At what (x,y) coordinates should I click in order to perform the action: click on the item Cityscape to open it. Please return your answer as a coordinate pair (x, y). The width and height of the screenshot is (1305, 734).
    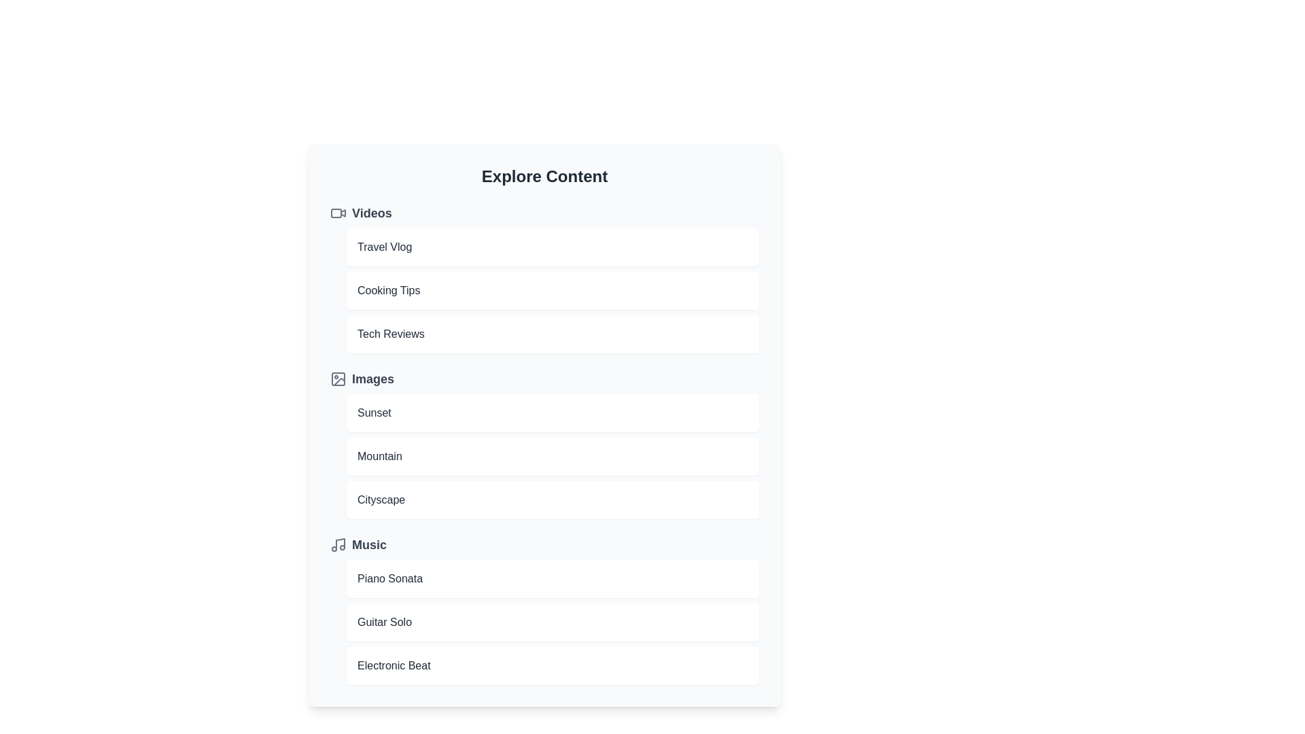
    Looking at the image, I should click on (553, 500).